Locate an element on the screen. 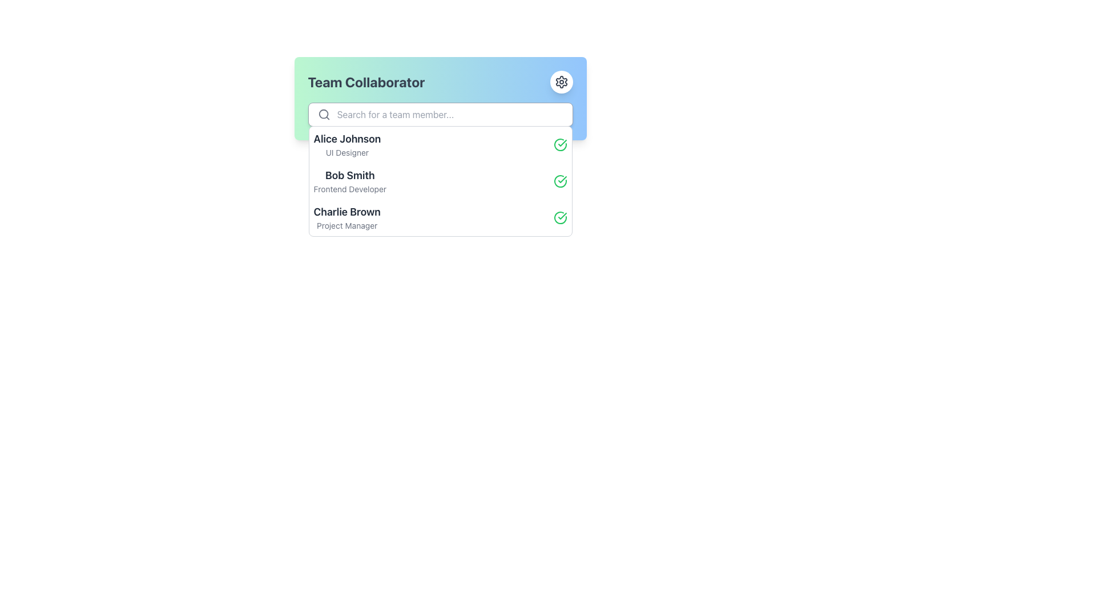 The height and width of the screenshot is (616, 1096). the first user option 'Alice Johnson' in the dropdown menu is located at coordinates (440, 144).